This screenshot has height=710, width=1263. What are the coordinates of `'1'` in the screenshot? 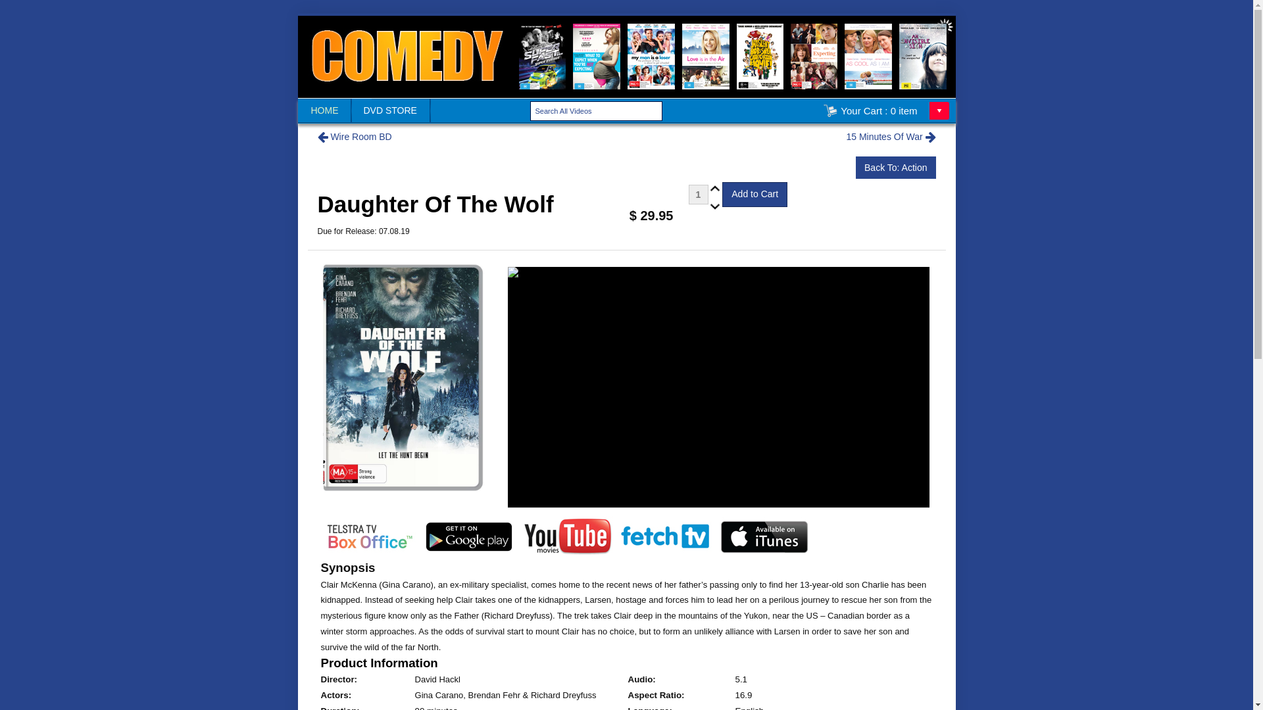 It's located at (697, 195).